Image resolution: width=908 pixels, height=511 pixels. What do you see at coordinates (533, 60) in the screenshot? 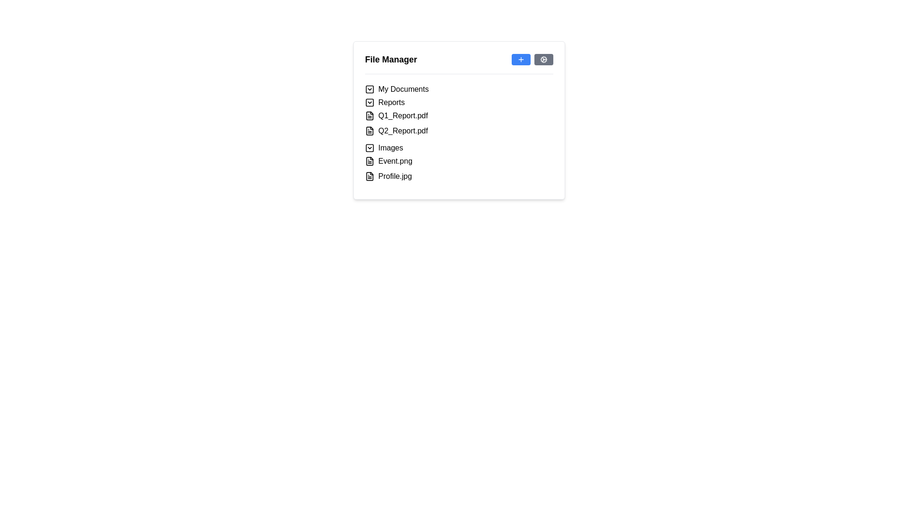
I see `the control panel buttons in the upper-right corner of the 'File Manager' section` at bounding box center [533, 60].